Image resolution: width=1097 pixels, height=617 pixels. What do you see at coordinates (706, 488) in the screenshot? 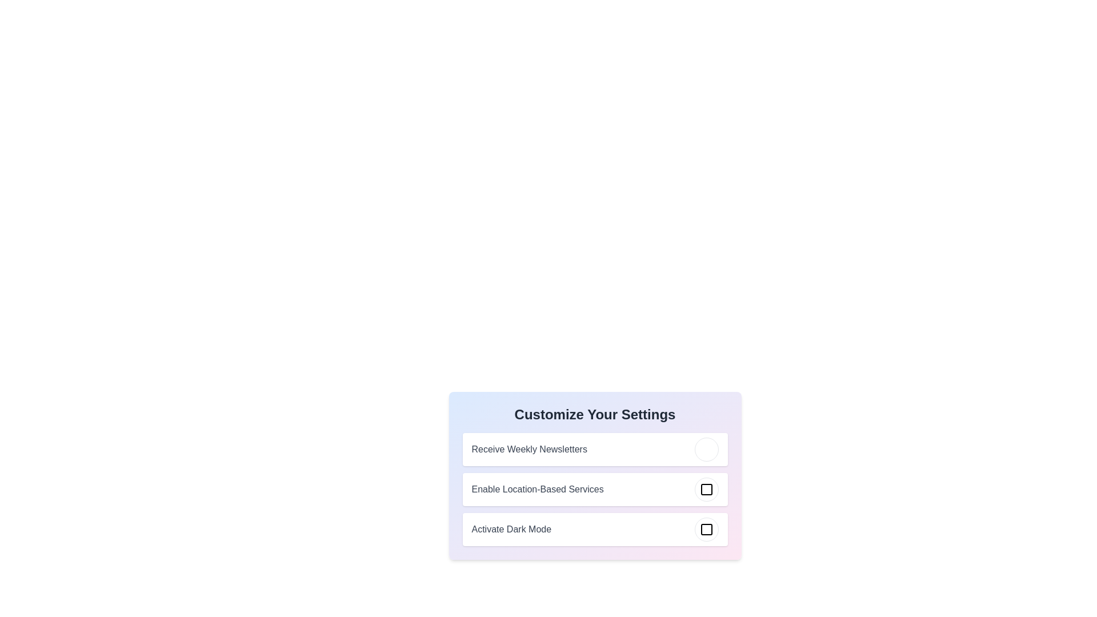
I see `the Checkbox element styled in a minimalist fashion, located in the right part of the middle option row in a settings selection dialog, aligned with the text 'Enable Location-Based Services' to its left` at bounding box center [706, 488].